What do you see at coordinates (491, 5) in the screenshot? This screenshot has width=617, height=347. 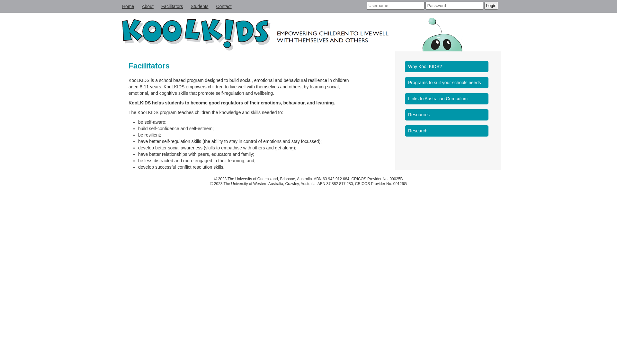 I see `'Login'` at bounding box center [491, 5].